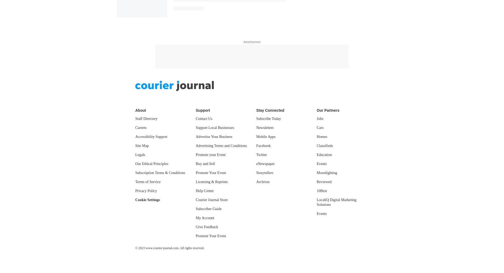 This screenshot has height=273, width=504. Describe the element at coordinates (146, 42) in the screenshot. I see `'Privacy Policy'` at that location.